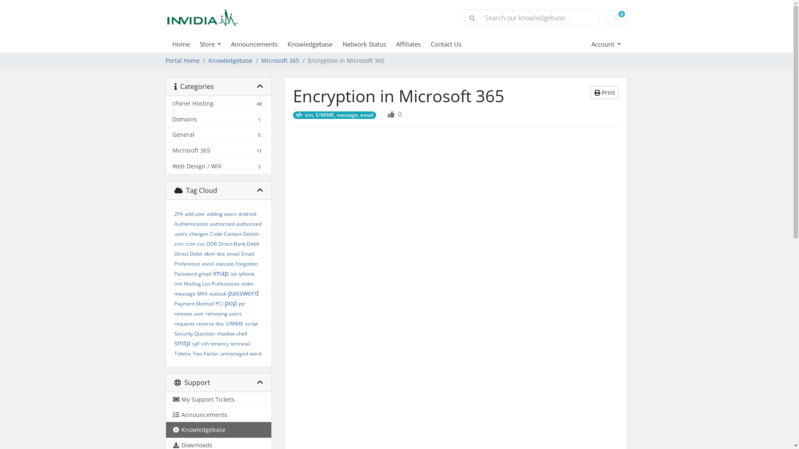 The height and width of the screenshot is (449, 799). I want to click on 'Microsoft 365, so click(218, 150).